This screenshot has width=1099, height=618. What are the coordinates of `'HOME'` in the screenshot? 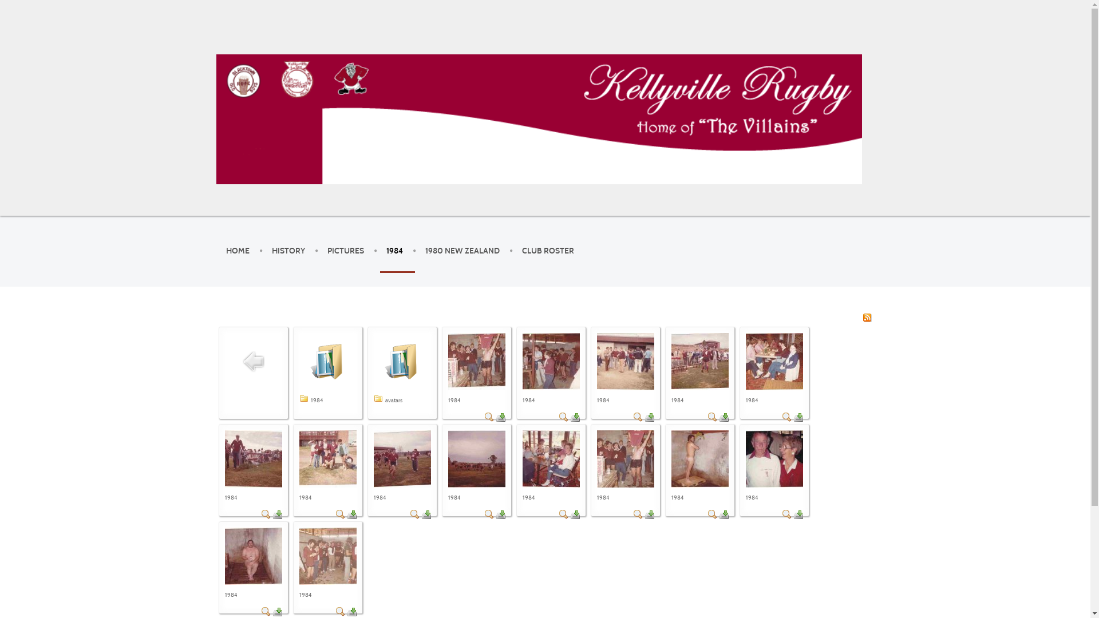 It's located at (236, 251).